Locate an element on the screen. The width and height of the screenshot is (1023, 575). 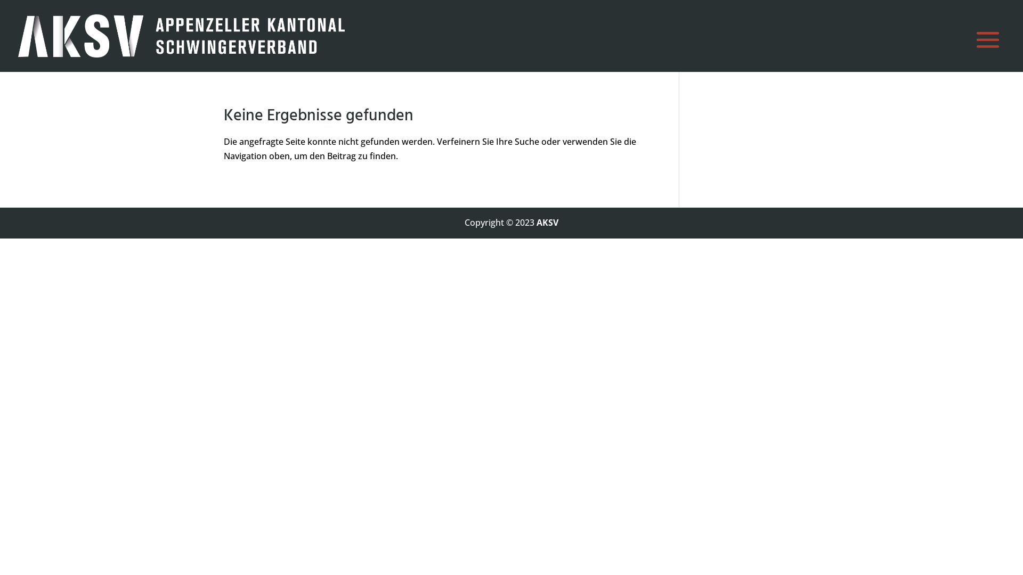
'AKSV' is located at coordinates (547, 221).